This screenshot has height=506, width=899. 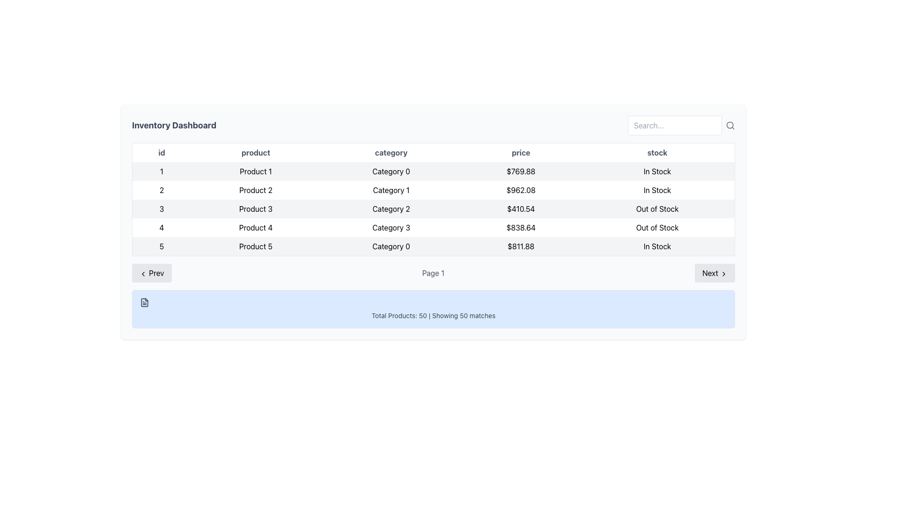 I want to click on the text label displaying the number '5' in the bottom row of the table under the 'id' column, so click(x=162, y=246).